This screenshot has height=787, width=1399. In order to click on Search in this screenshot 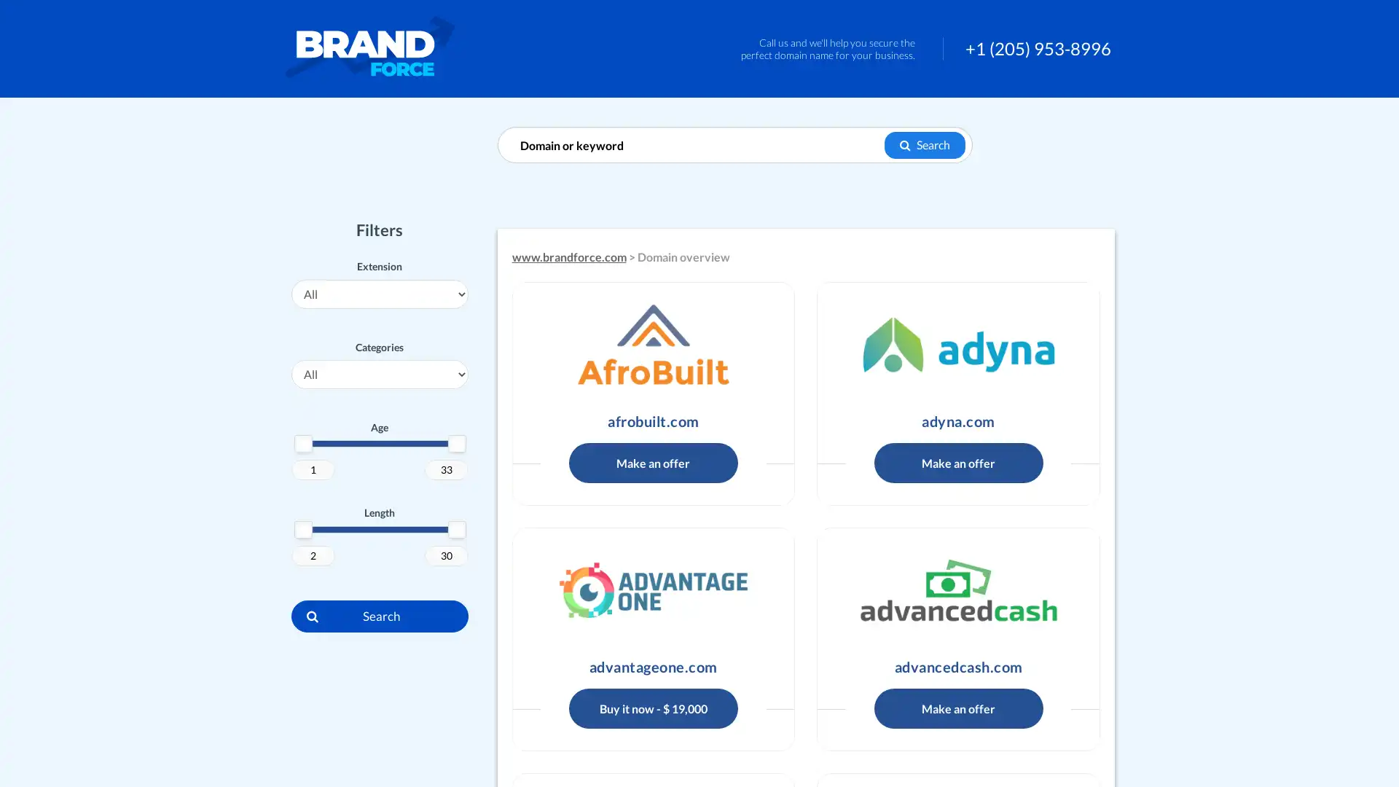, I will do `click(380, 615)`.